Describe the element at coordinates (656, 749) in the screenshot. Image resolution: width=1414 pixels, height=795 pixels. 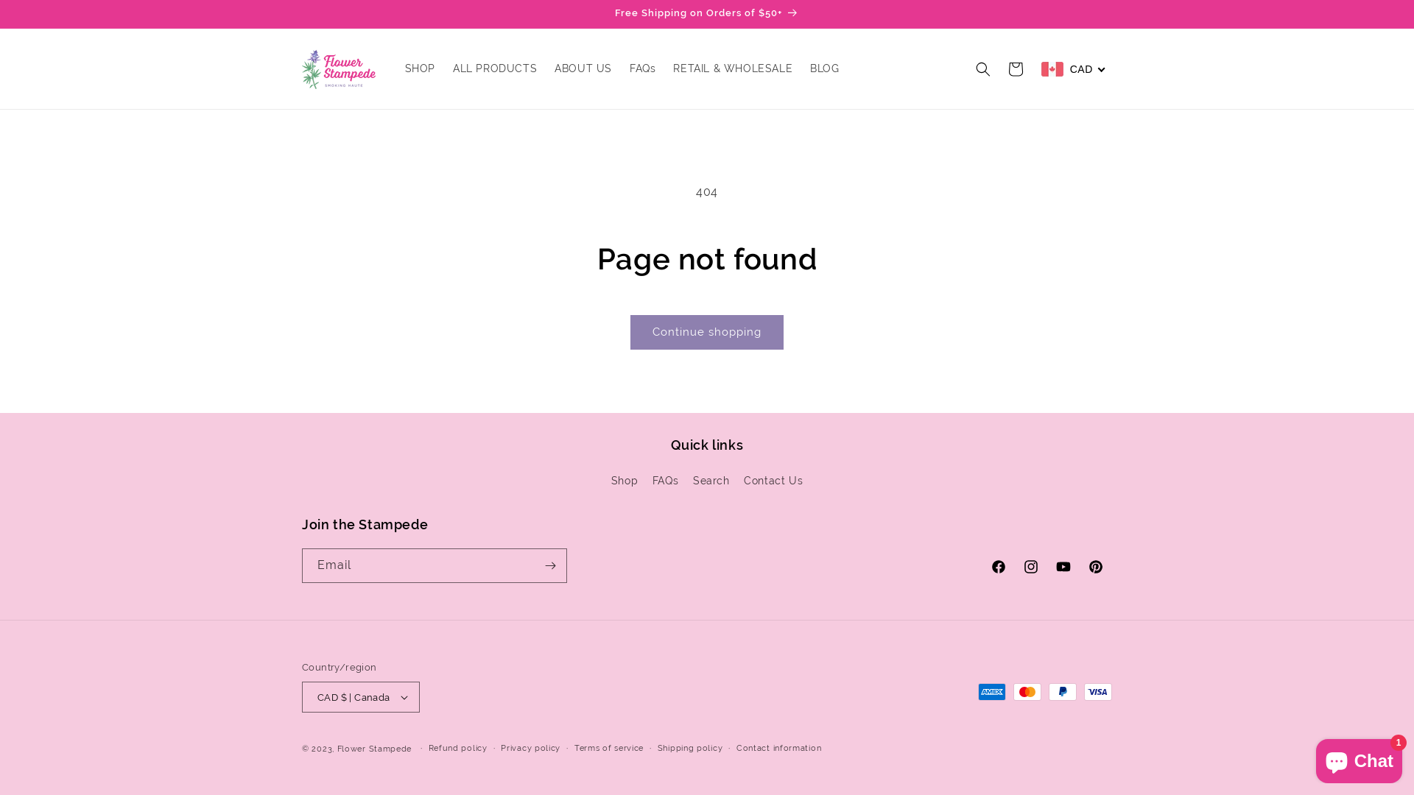
I see `'Shipping policy'` at that location.